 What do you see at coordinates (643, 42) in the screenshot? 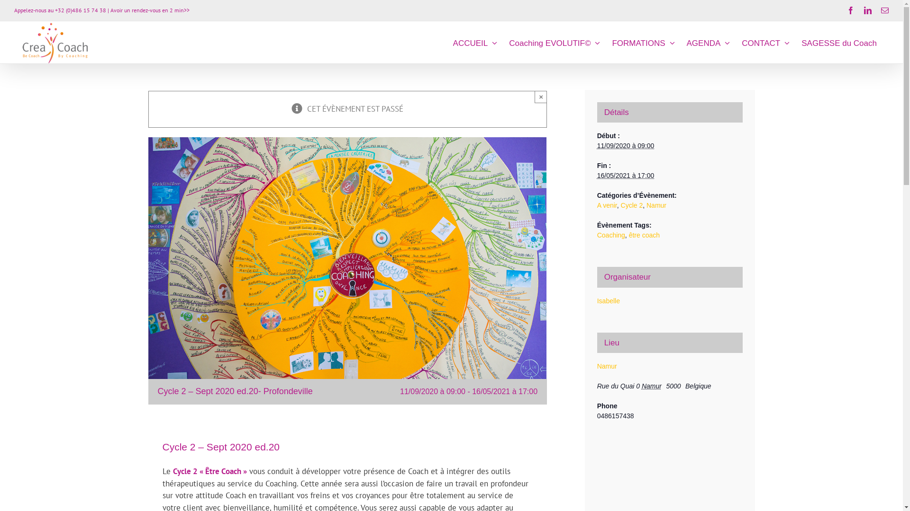
I see `'FORMATIONS'` at bounding box center [643, 42].